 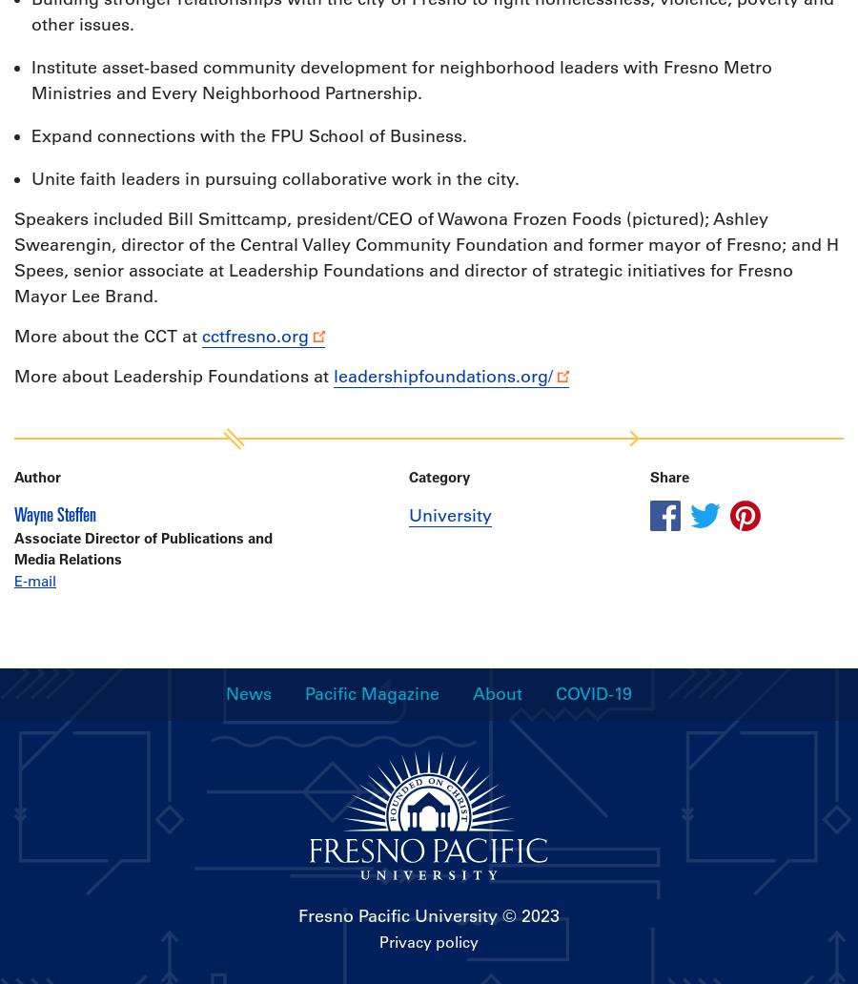 I want to click on 'Speakers included Bill Smittcamp, president/CEO of Wawona Frozen Foods (pictured); Ashley Swearengin, director of the Central Valley Community Foundation and former mayor of Fresno; and H Spees, senior associate at Leadership Foundations and director of strategic initiatives for Fresno Mayor Lee Brand.', so click(x=426, y=257).